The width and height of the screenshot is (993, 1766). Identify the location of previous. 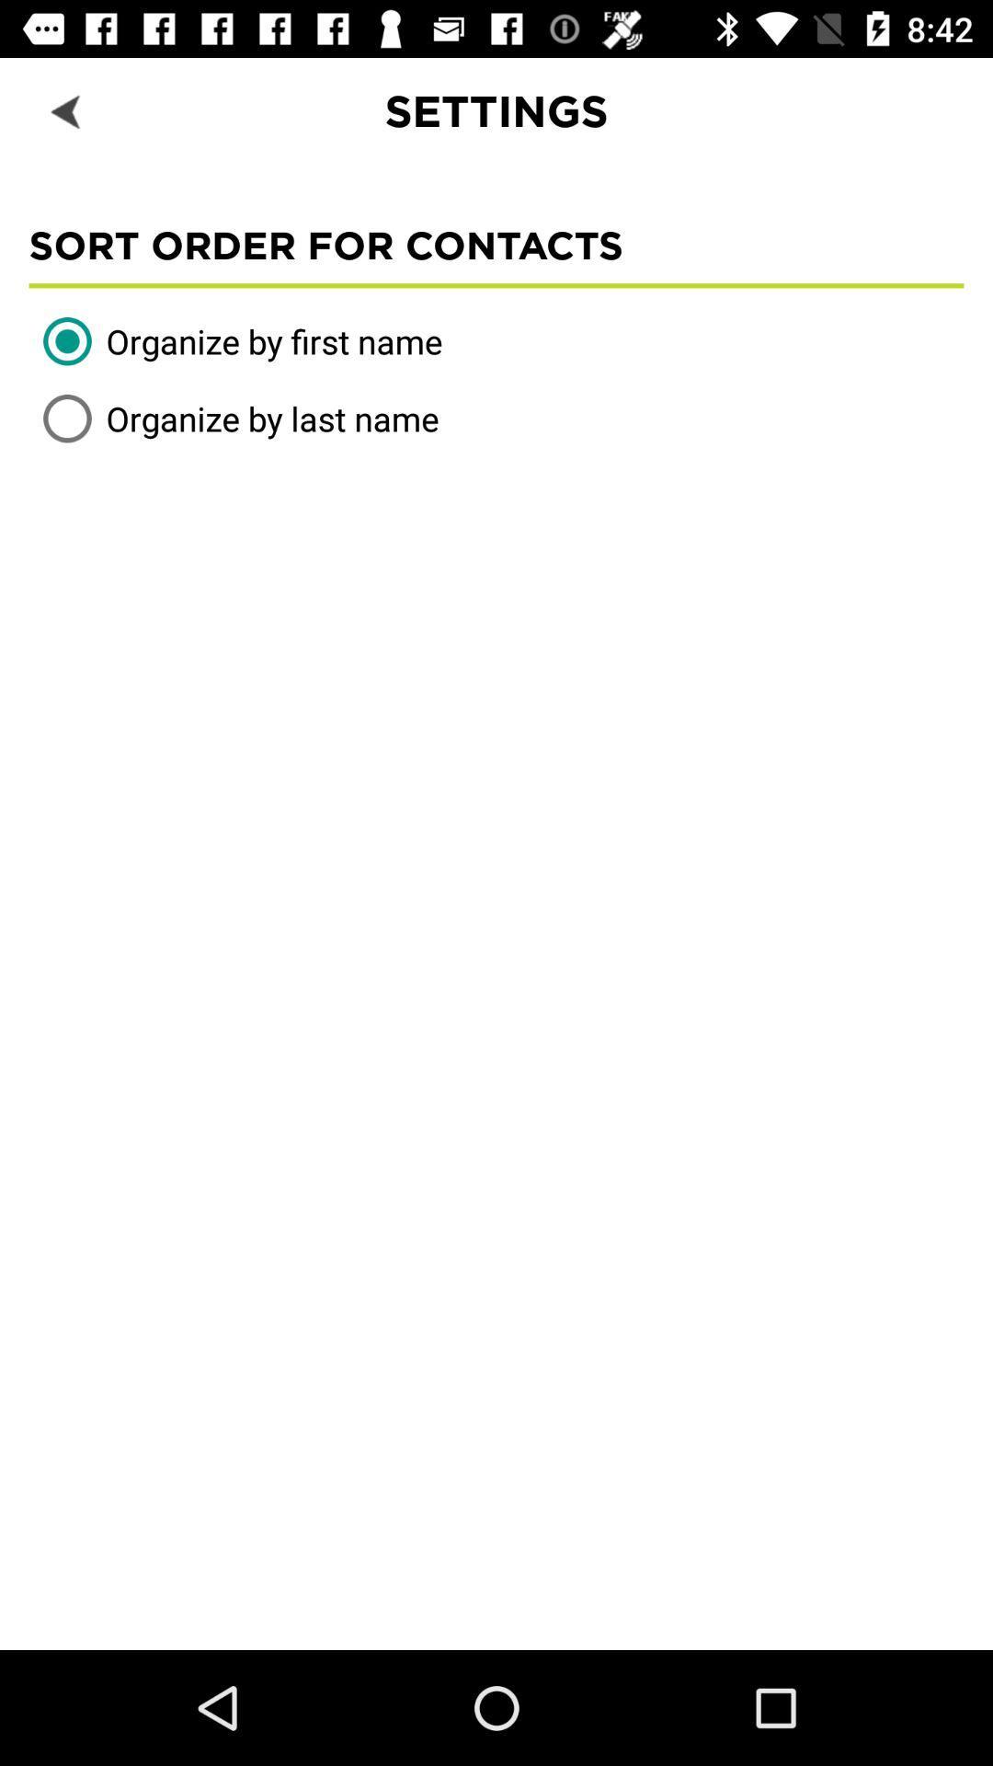
(66, 109).